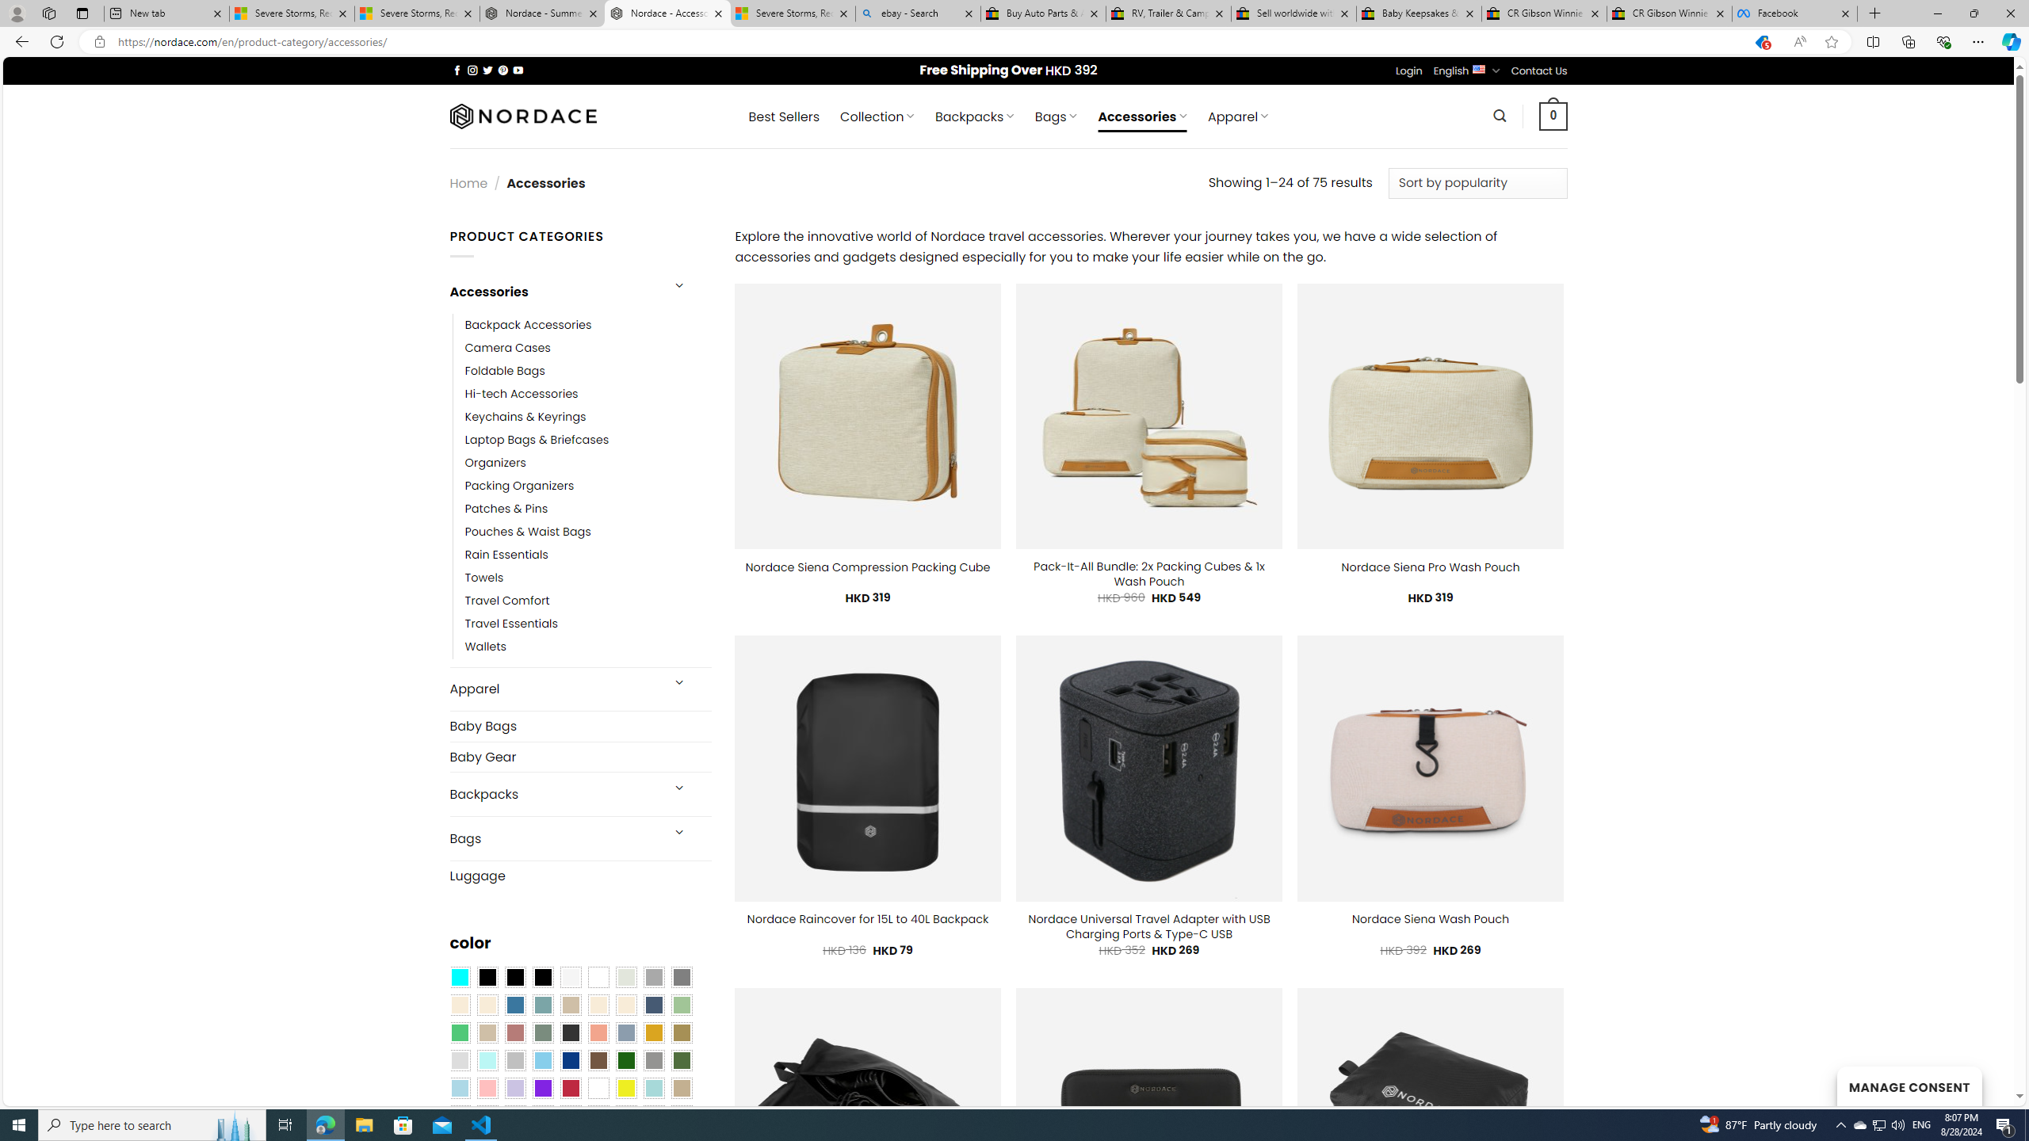  Describe the element at coordinates (783, 116) in the screenshot. I see `'  Best Sellers'` at that location.